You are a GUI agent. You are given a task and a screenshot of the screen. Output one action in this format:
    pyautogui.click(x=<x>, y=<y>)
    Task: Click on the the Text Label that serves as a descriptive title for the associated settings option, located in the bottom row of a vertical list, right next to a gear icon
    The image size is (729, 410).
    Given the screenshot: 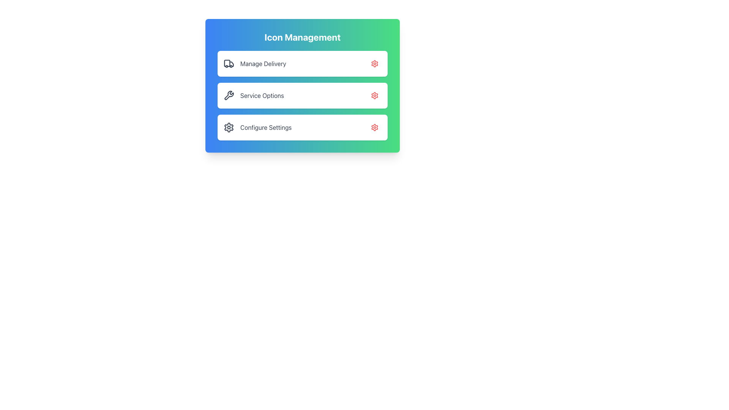 What is the action you would take?
    pyautogui.click(x=266, y=127)
    